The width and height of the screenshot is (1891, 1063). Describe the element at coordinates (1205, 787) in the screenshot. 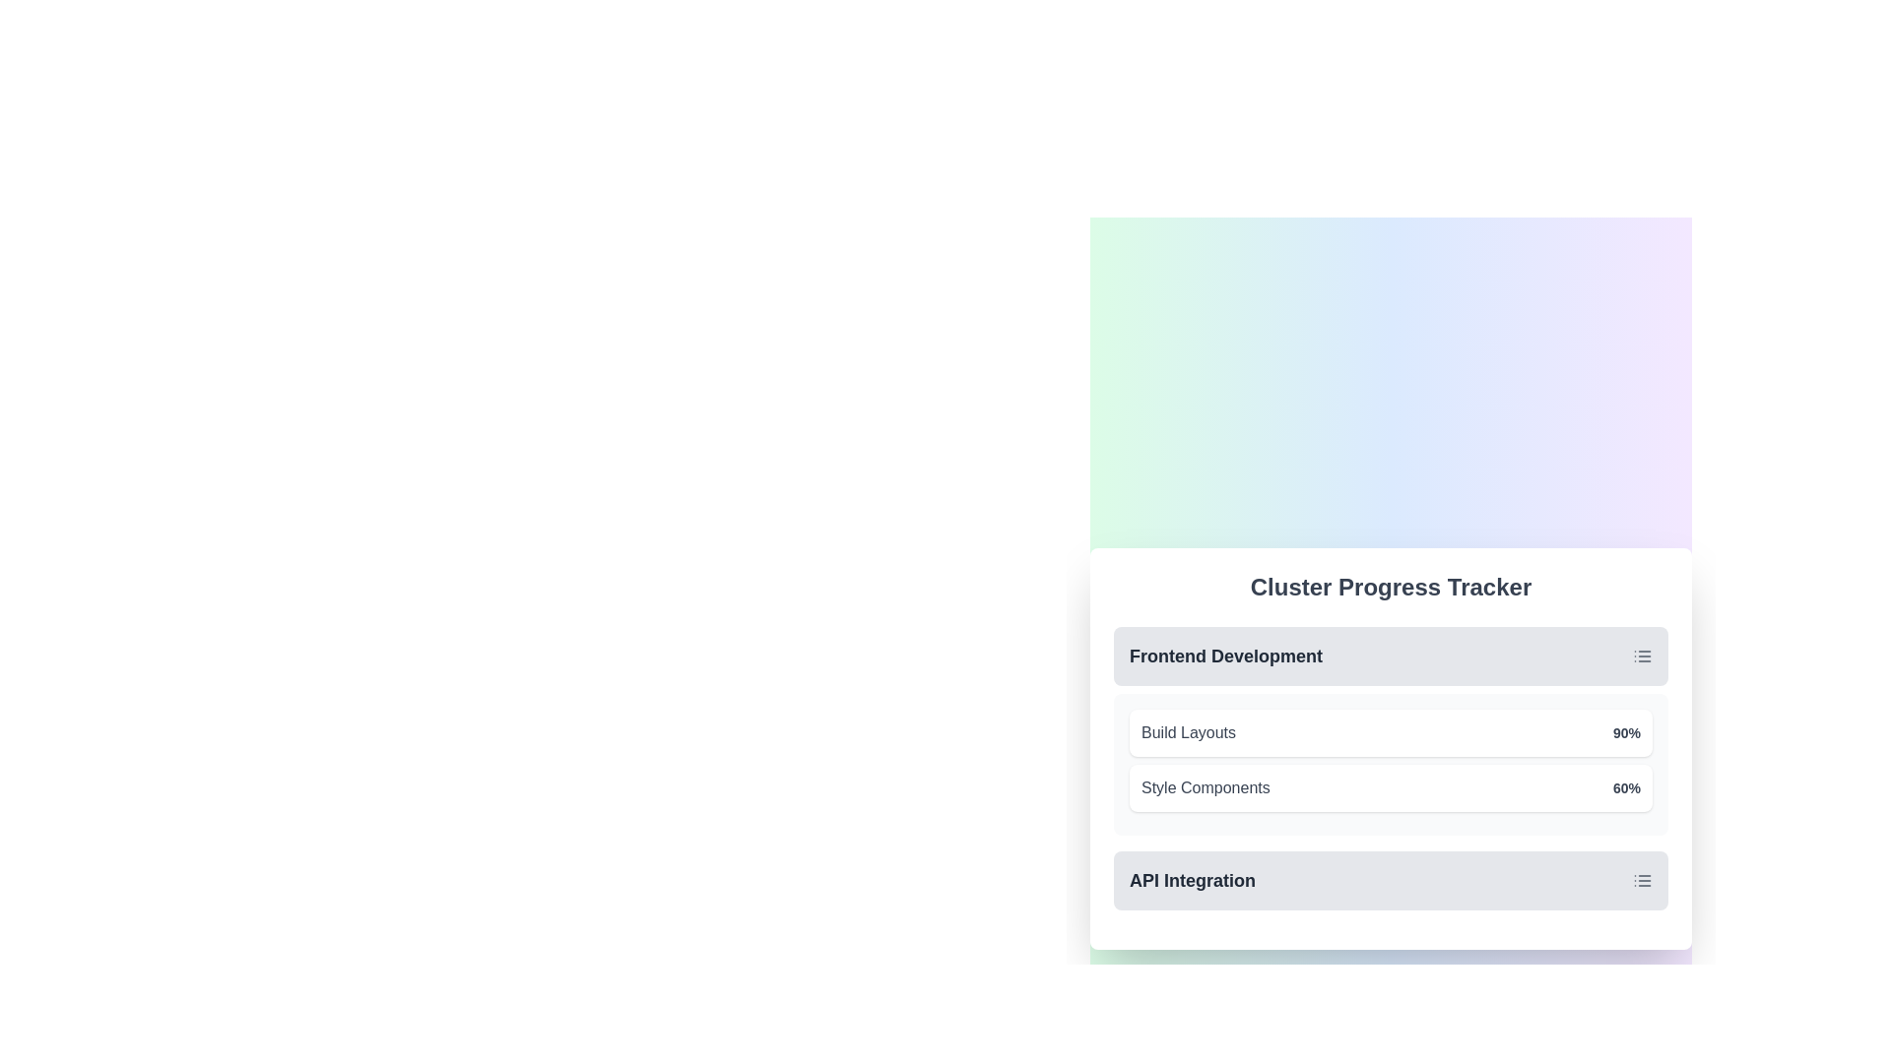

I see `the Text label that conveys the title of a subtask within the 'Cluster Progress Tracker' under 'Frontend Development', which is the second entry in the list` at that location.